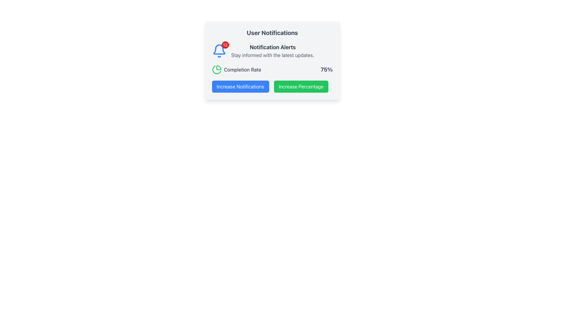  I want to click on the green rectangular button labeled 'Increase Percentage' to observe any hover-specific styling effects, so click(301, 86).